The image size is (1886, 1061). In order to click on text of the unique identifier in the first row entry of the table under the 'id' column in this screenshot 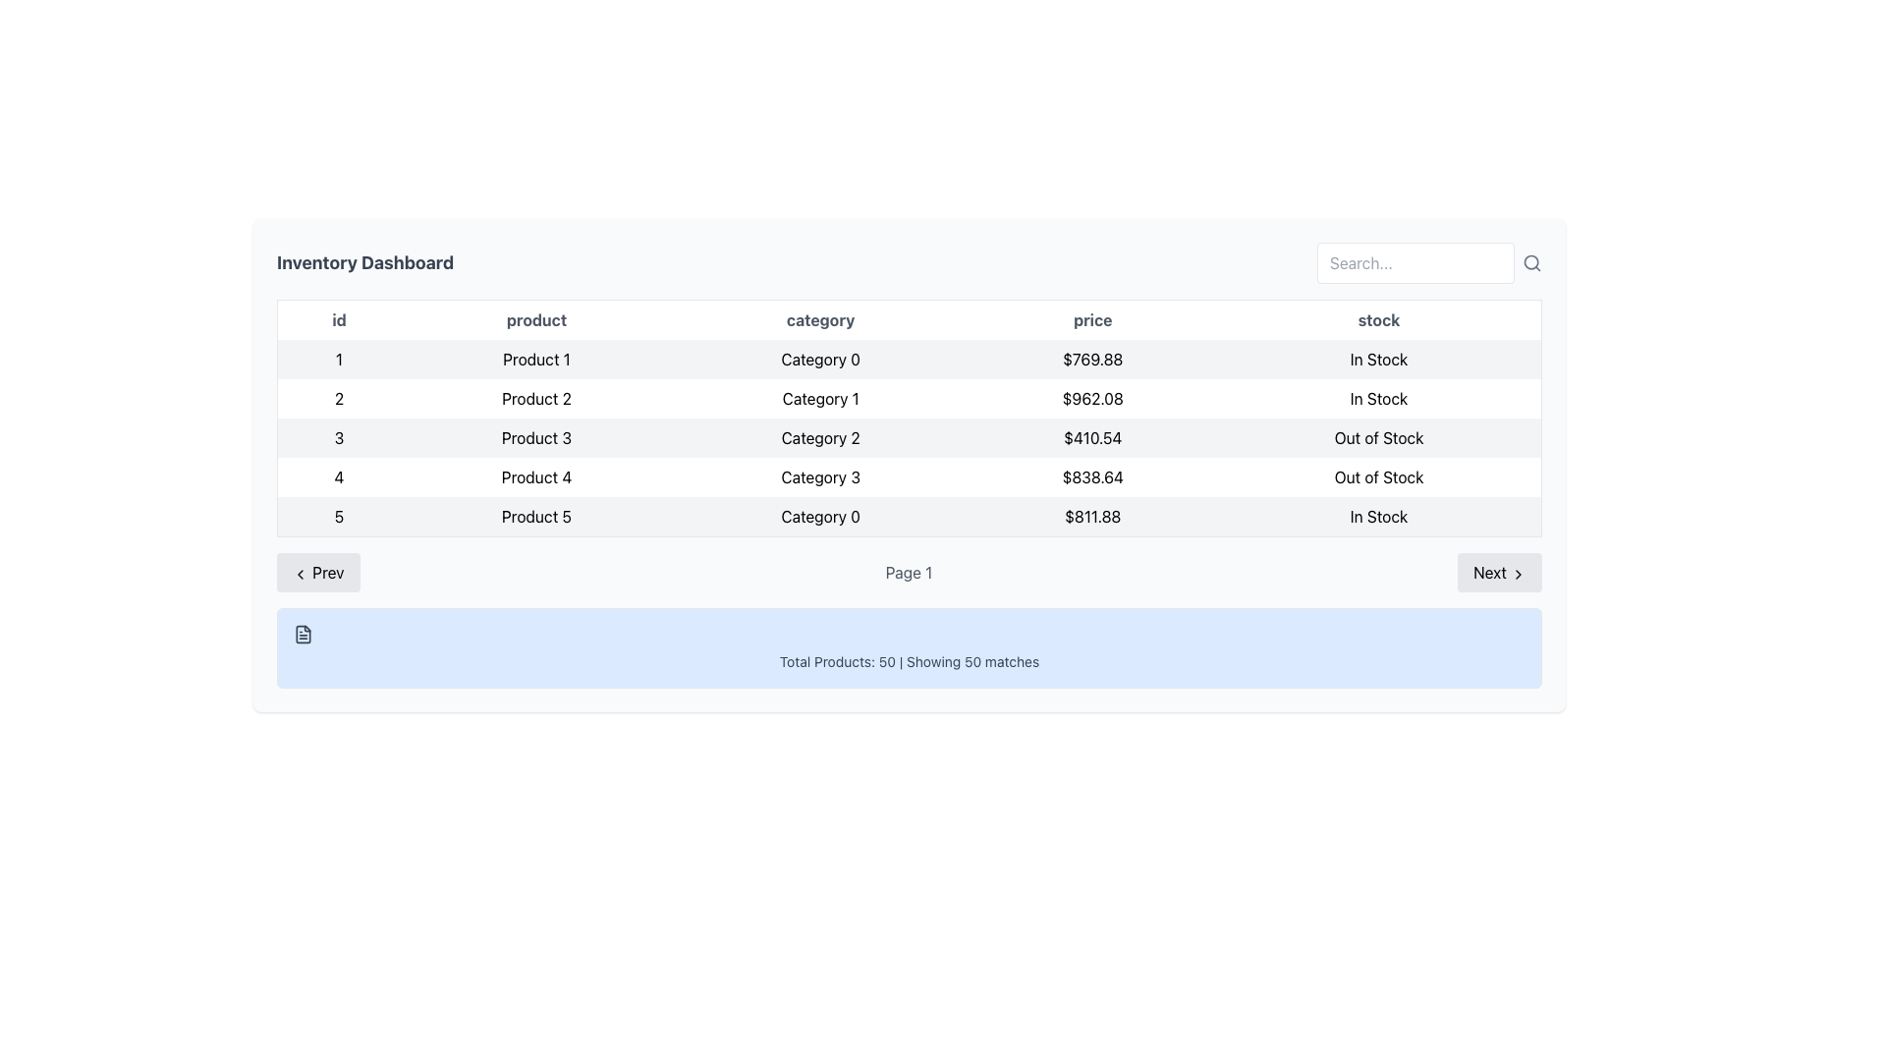, I will do `click(339, 360)`.